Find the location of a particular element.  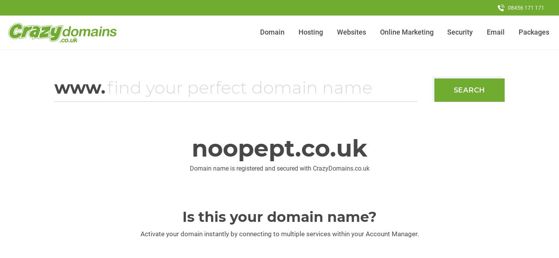

'Domain' is located at coordinates (272, 32).